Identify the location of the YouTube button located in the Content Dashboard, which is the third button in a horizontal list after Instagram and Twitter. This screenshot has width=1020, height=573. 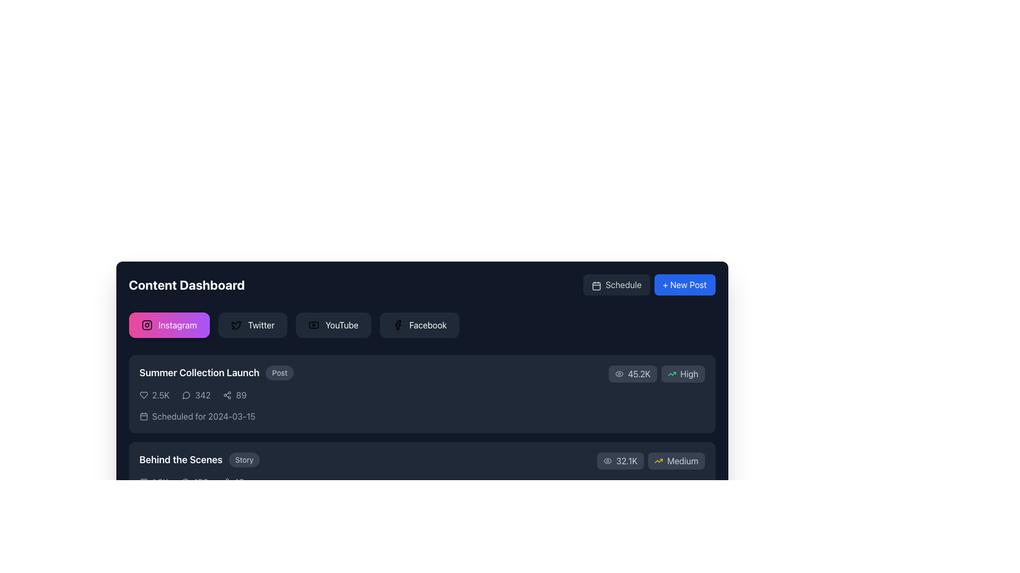
(313, 325).